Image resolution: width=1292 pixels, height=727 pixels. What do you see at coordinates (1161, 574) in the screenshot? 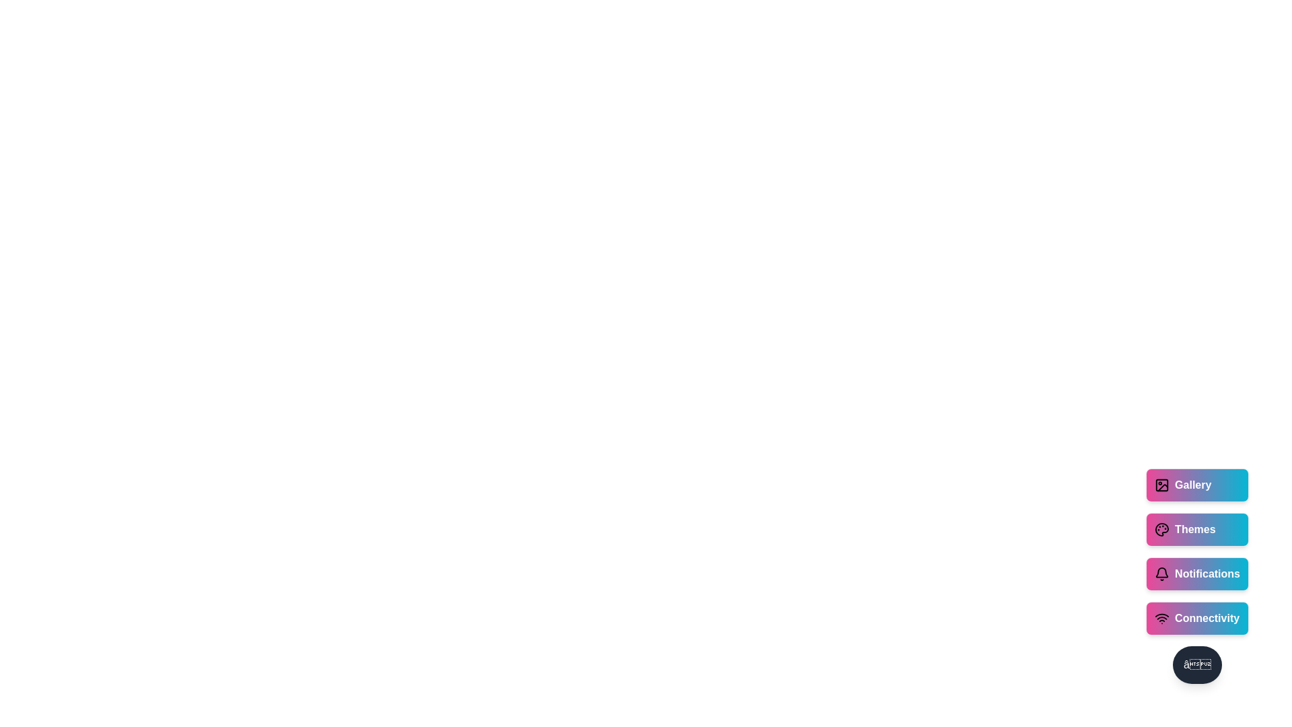
I see `the bell icon representing notifications, which is located in the rightmost column of the interface as the third option from the top` at bounding box center [1161, 574].